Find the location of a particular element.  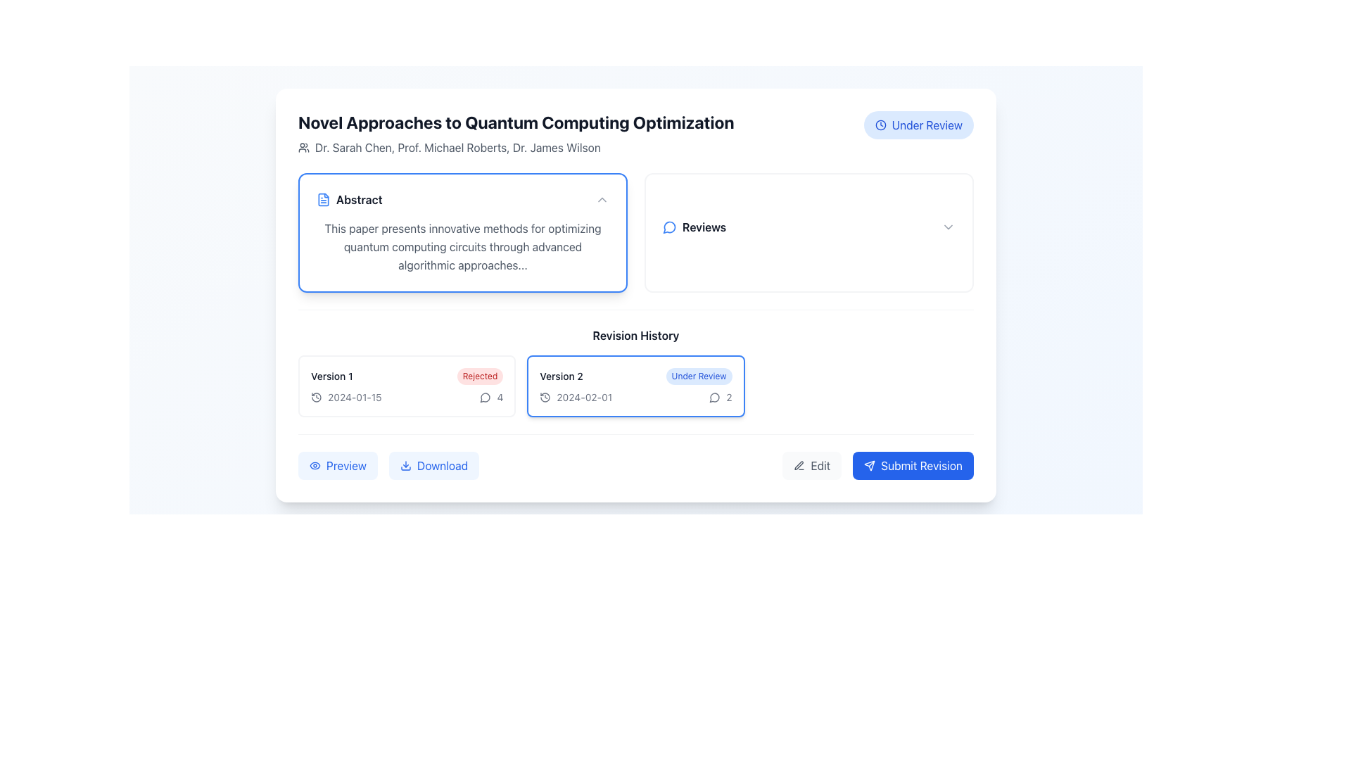

the card labeled 'Version 2' in the 'Revision History' section is located at coordinates (635, 386).